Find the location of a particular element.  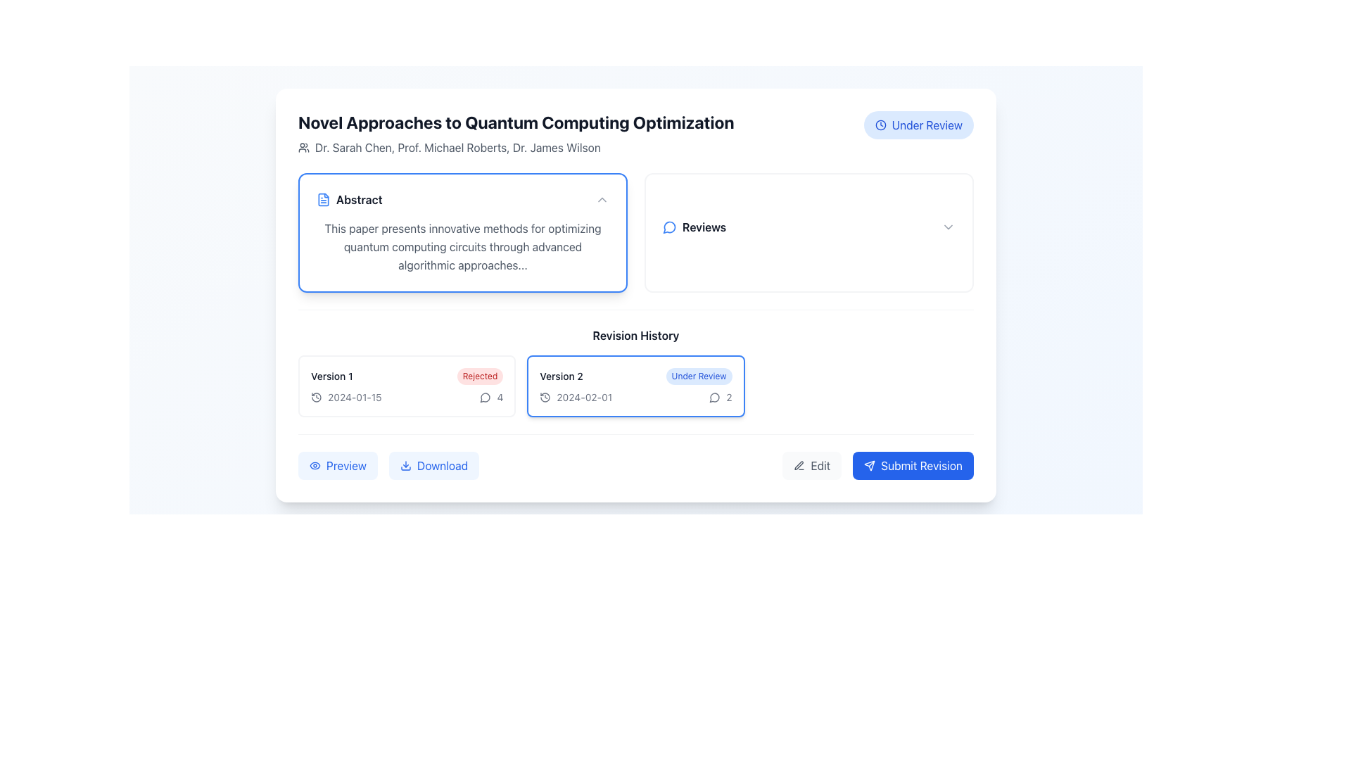

the card labeled 'Version 2' in the 'Revision History' section is located at coordinates (635, 386).